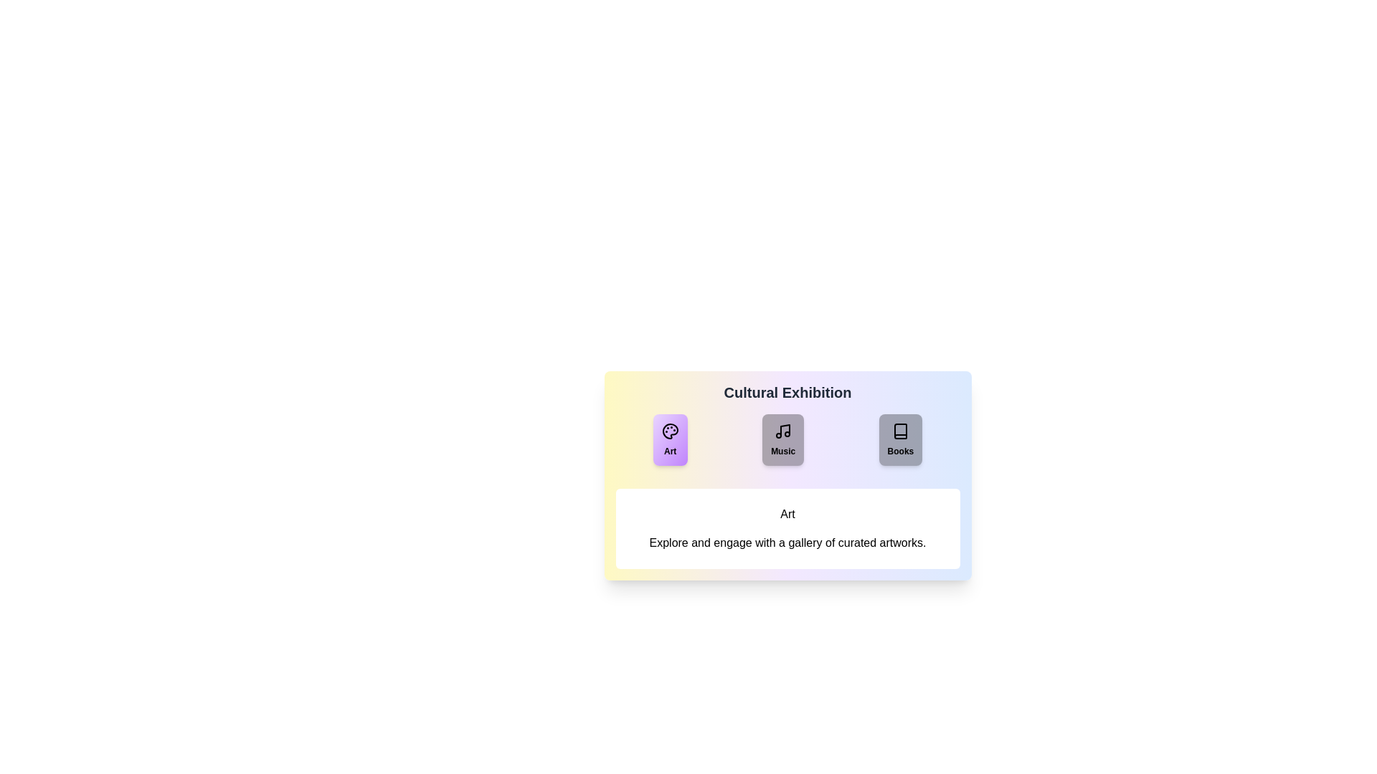 The width and height of the screenshot is (1377, 774). I want to click on the header titled 'Cultural Exhibition' to understand the context of the component, so click(787, 392).